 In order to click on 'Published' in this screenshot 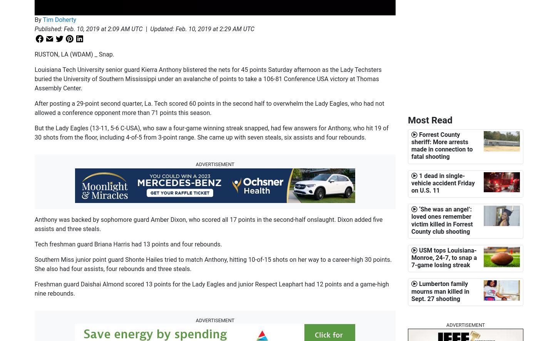, I will do `click(47, 28)`.